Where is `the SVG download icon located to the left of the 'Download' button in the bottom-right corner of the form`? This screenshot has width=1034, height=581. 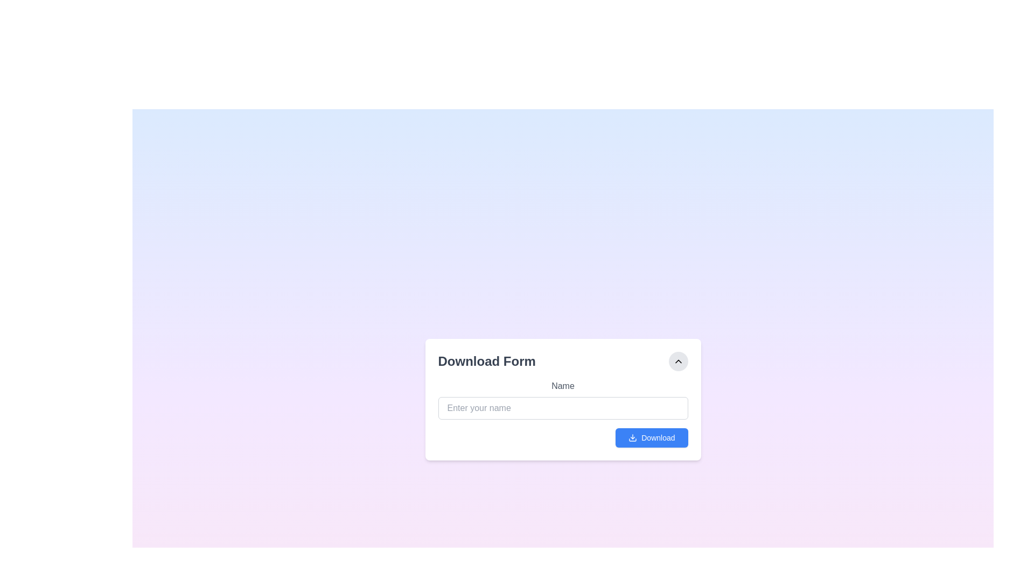
the SVG download icon located to the left of the 'Download' button in the bottom-right corner of the form is located at coordinates (633, 437).